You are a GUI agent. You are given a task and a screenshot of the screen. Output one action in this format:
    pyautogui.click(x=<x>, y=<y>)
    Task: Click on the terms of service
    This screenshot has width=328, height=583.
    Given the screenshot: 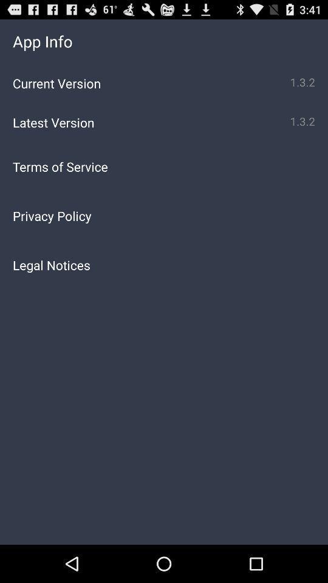 What is the action you would take?
    pyautogui.click(x=164, y=166)
    